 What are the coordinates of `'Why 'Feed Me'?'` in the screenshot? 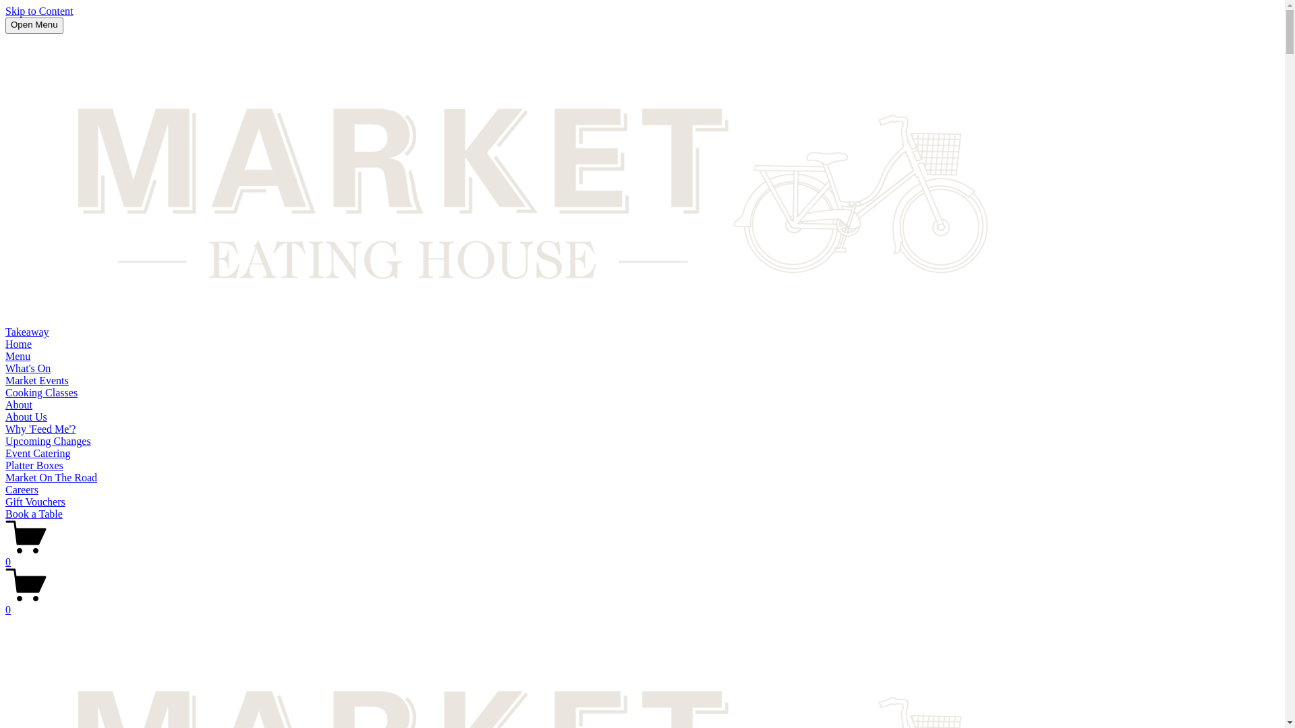 It's located at (40, 429).